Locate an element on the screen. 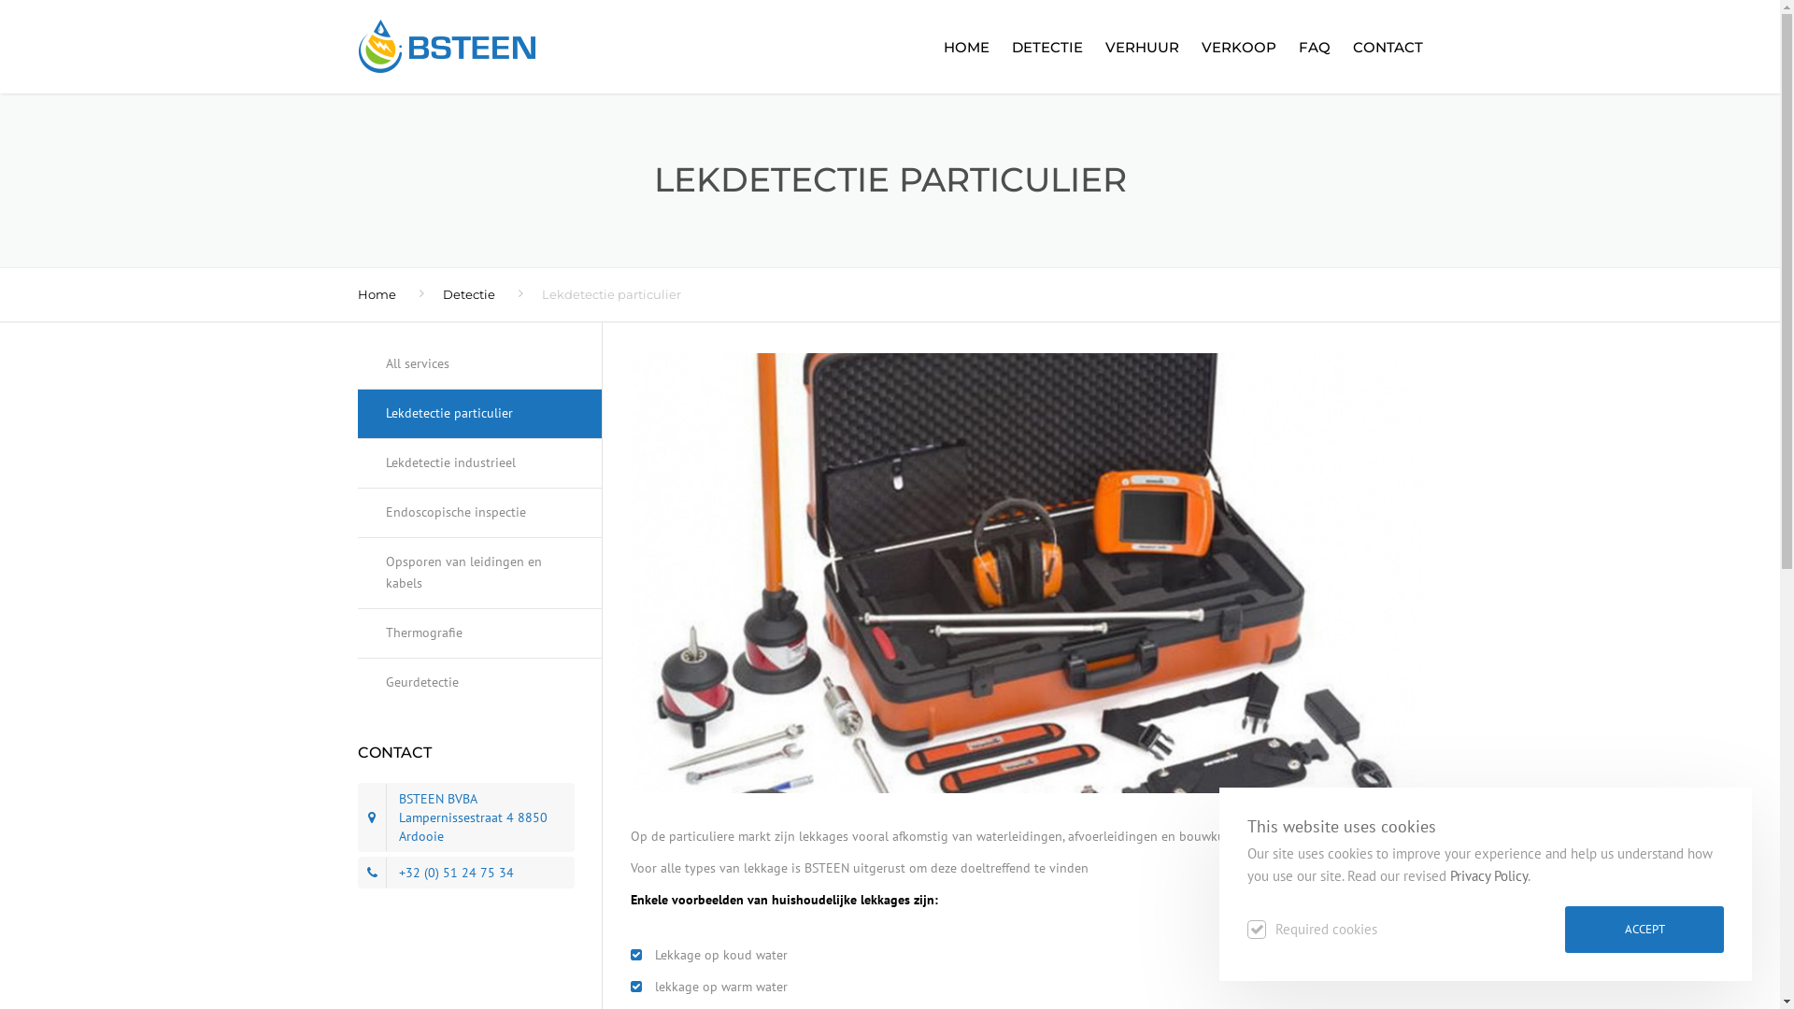 The height and width of the screenshot is (1009, 1794). 'Endoscopische inspectie' is located at coordinates (479, 513).